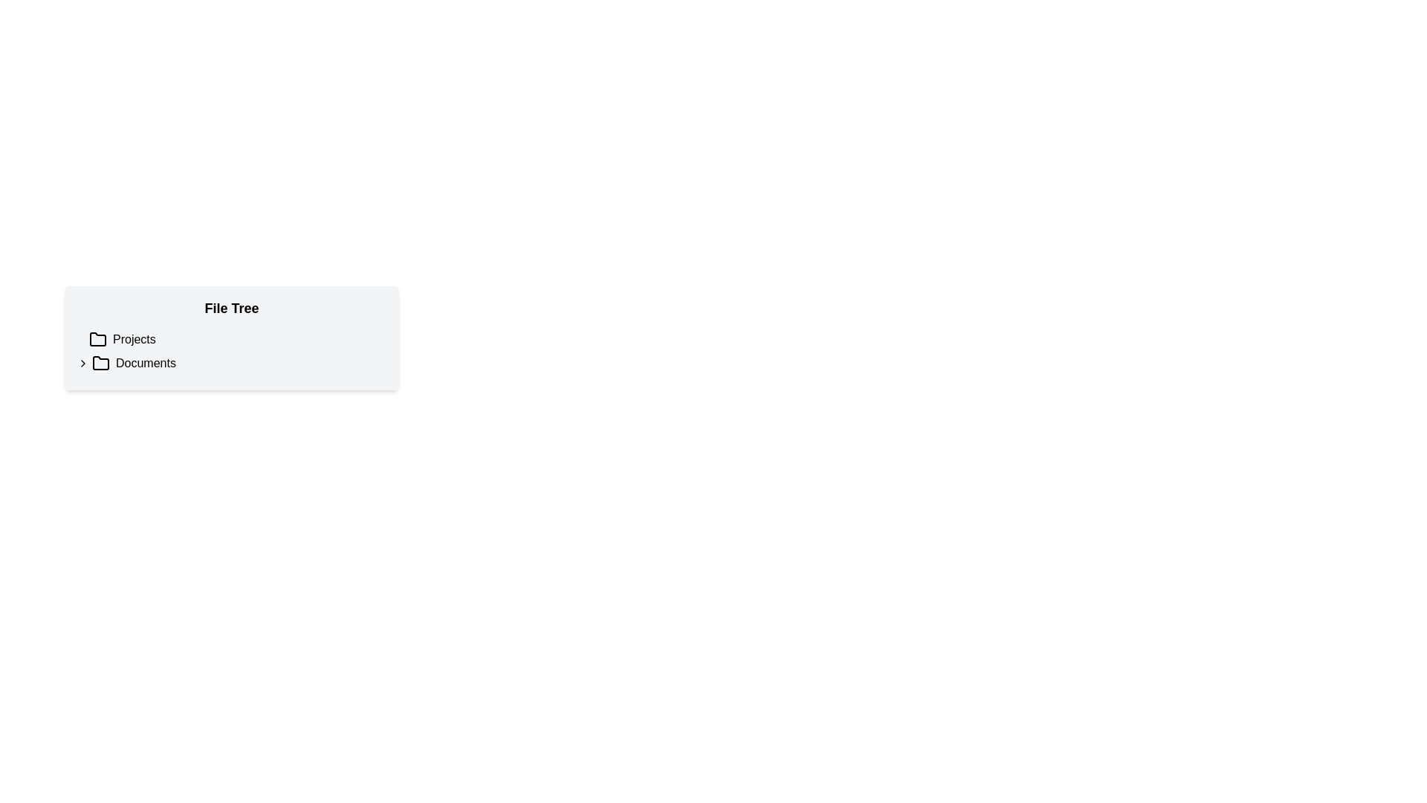  I want to click on the 'Documents' folder item in the file tree, so click(231, 364).